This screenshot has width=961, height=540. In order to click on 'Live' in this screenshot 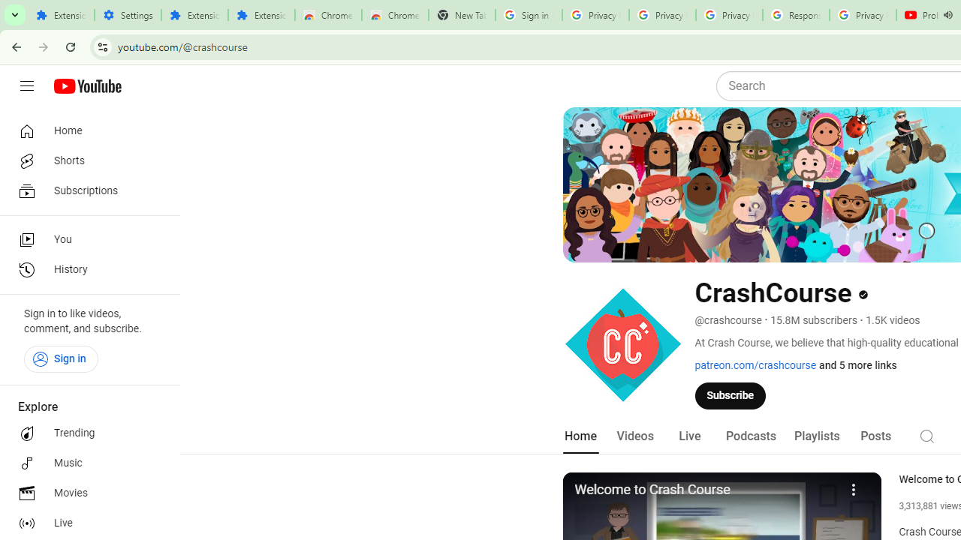, I will do `click(688, 436)`.